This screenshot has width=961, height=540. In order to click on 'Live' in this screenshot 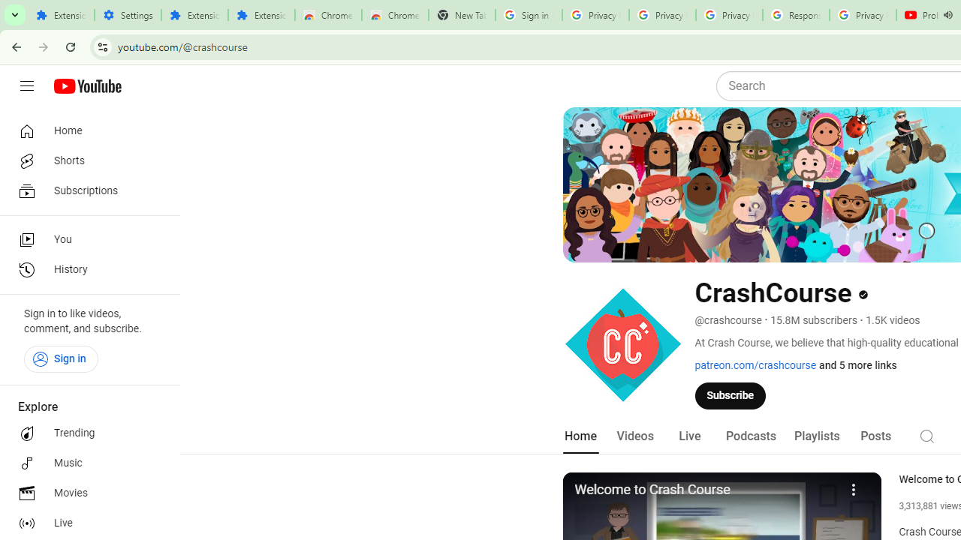, I will do `click(688, 436)`.